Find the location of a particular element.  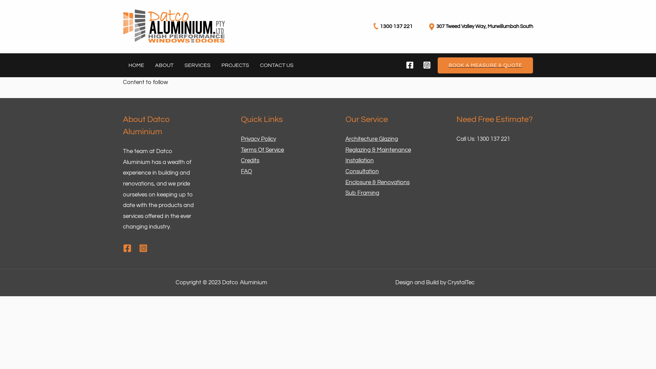

'BOOK A MEASURE & QUOTE' is located at coordinates (438, 65).